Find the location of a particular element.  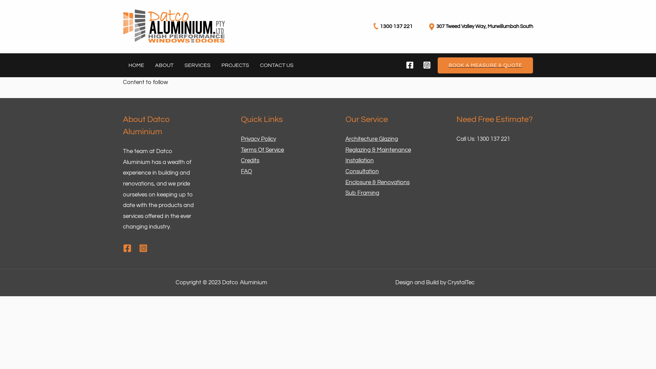

'BOOK A MEASURE & QUOTE' is located at coordinates (438, 65).